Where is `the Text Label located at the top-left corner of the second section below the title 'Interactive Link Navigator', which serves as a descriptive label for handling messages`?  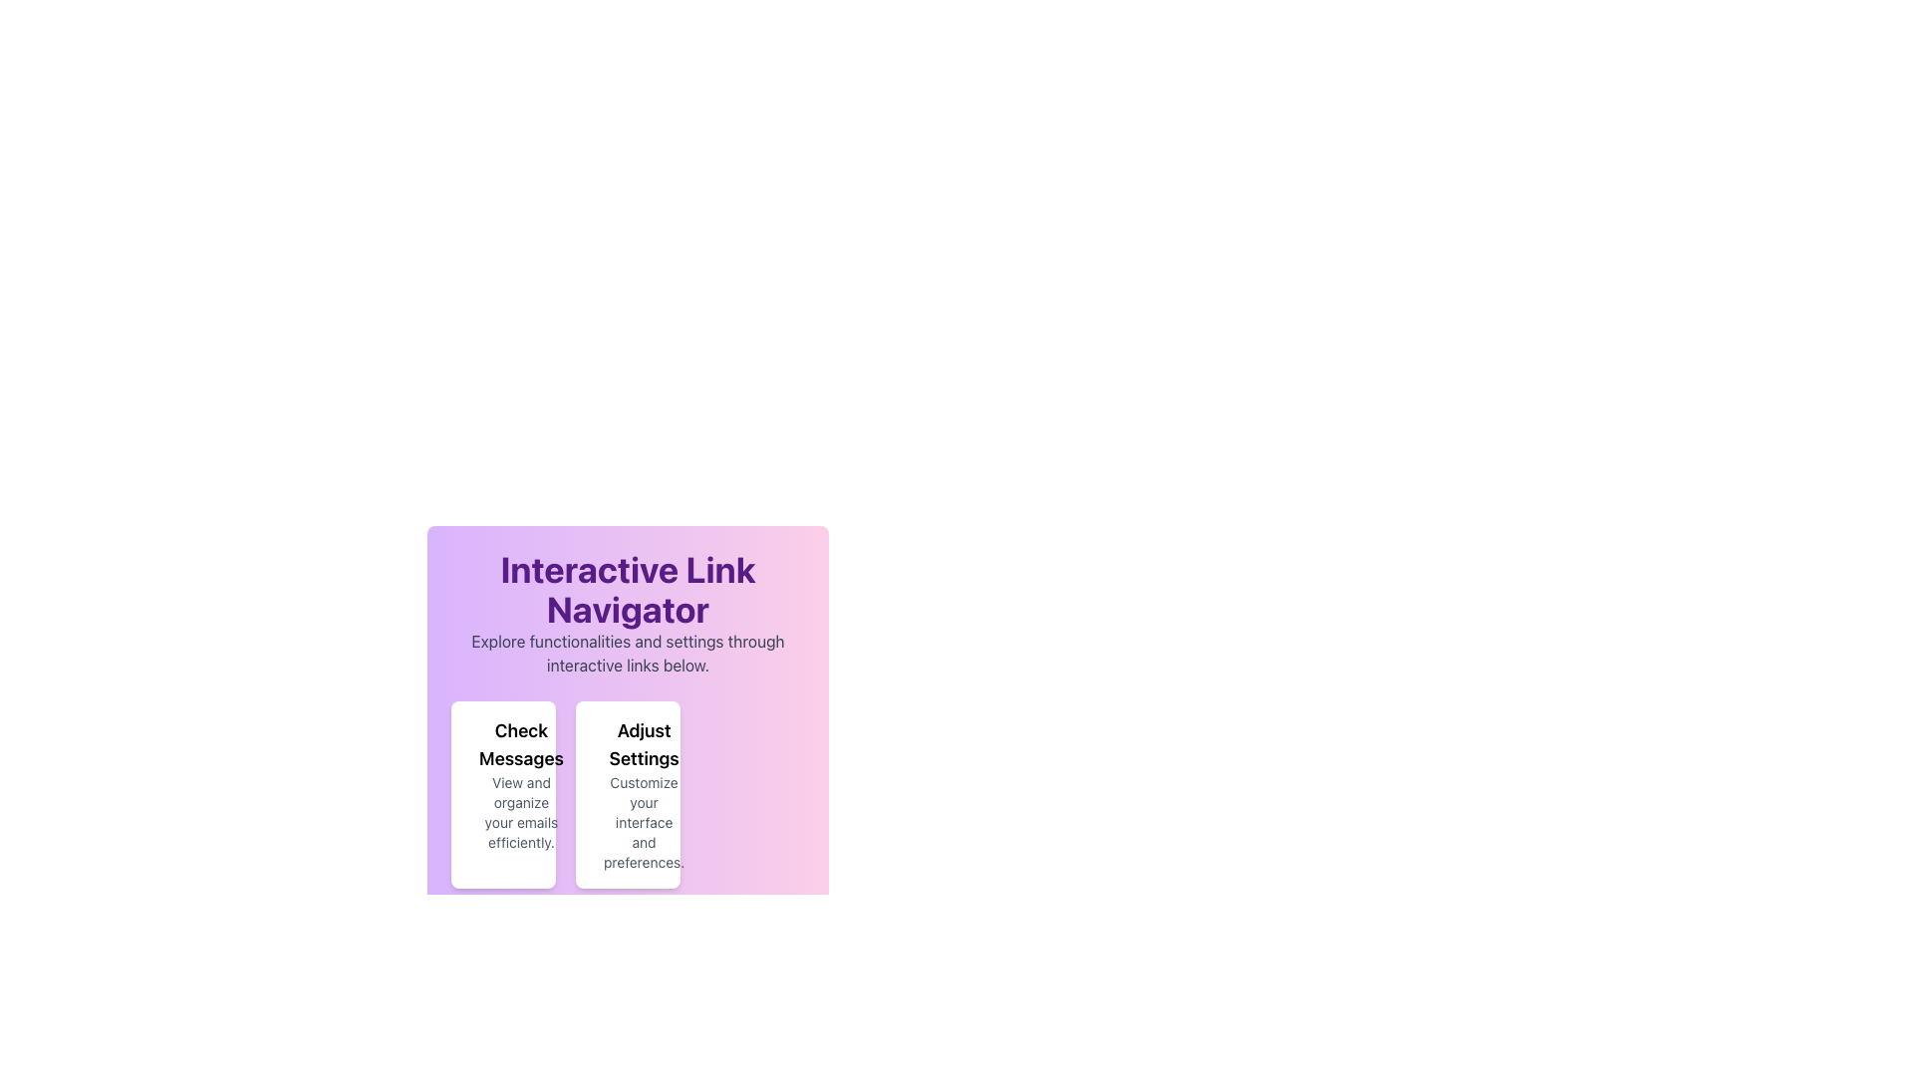 the Text Label located at the top-left corner of the second section below the title 'Interactive Link Navigator', which serves as a descriptive label for handling messages is located at coordinates (521, 745).